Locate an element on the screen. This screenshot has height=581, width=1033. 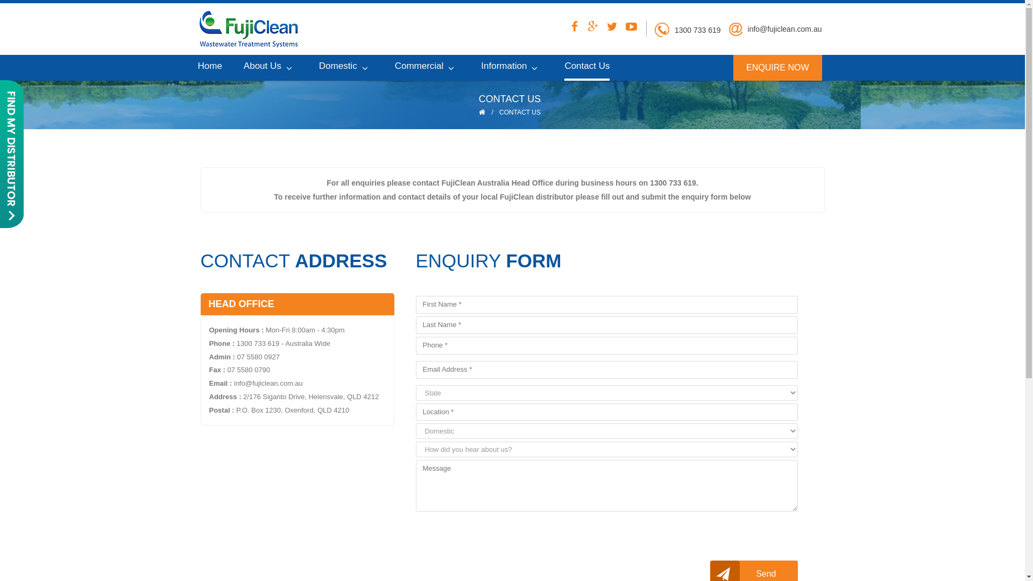
'Twitter' is located at coordinates (603, 28).